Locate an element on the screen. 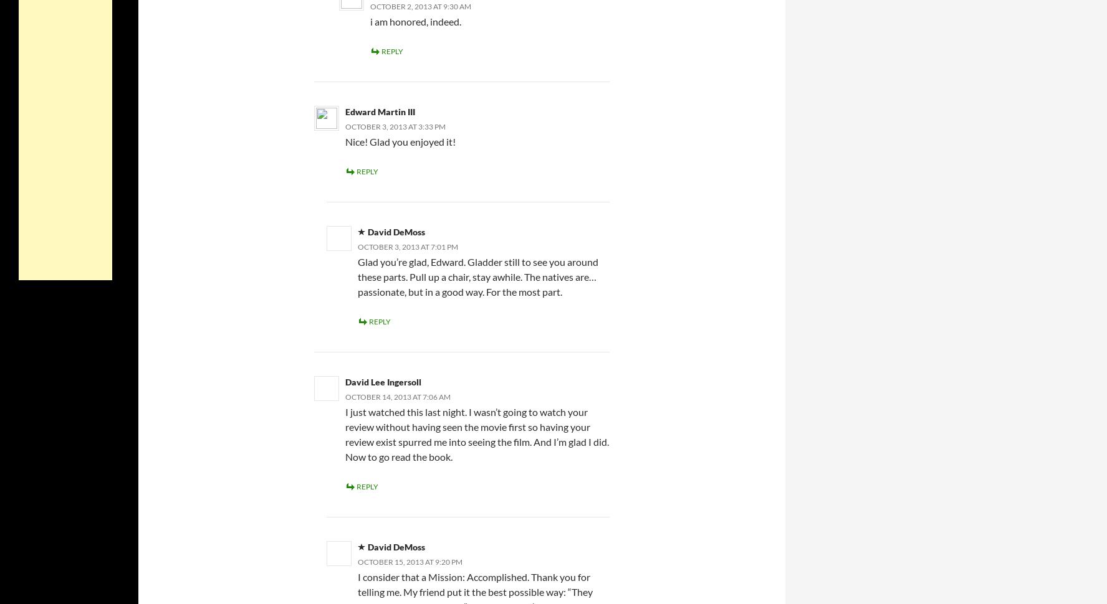 The width and height of the screenshot is (1107, 604). 'Nice!  Glad you enjoyed it!' is located at coordinates (400, 141).